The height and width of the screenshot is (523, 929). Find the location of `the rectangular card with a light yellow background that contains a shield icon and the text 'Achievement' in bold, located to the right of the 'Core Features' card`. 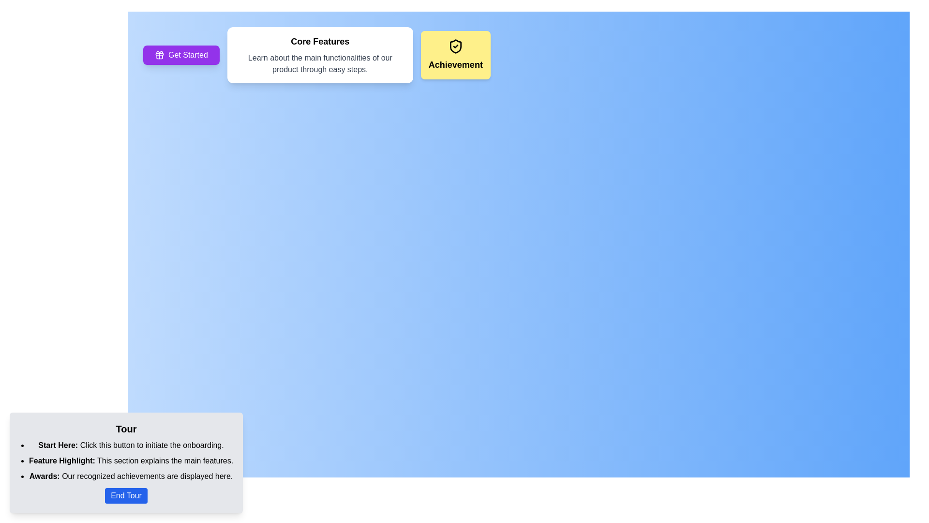

the rectangular card with a light yellow background that contains a shield icon and the text 'Achievement' in bold, located to the right of the 'Core Features' card is located at coordinates (455, 55).